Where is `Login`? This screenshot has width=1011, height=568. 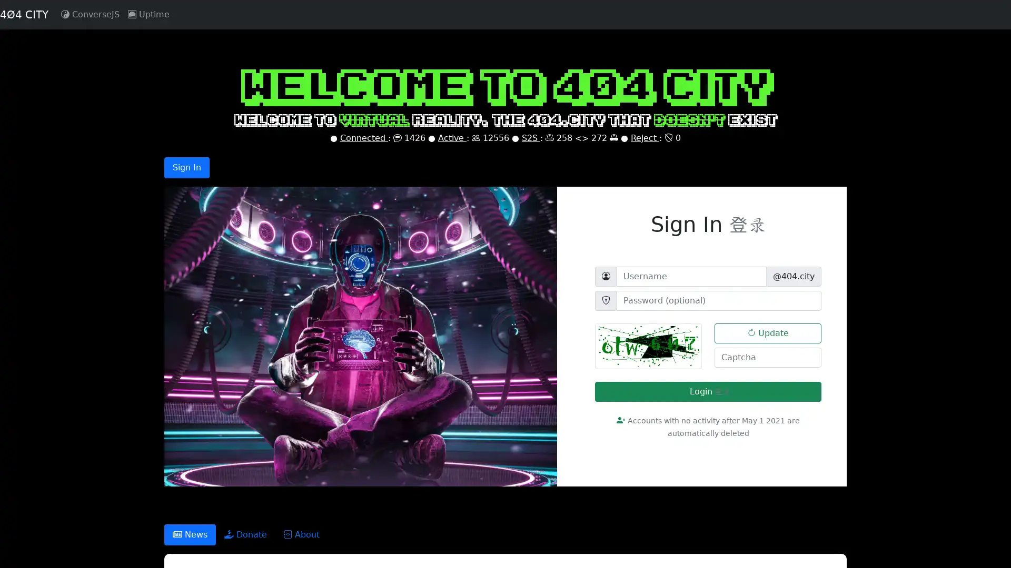 Login is located at coordinates (708, 391).